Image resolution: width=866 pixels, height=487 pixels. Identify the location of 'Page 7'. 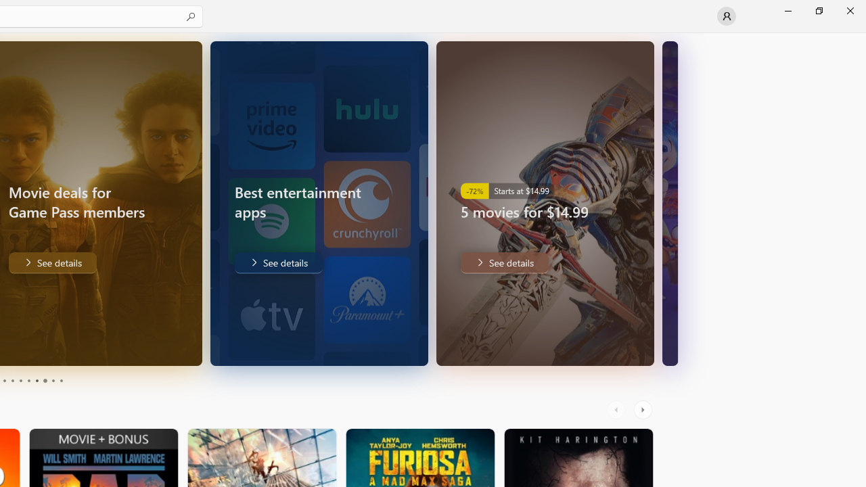
(37, 381).